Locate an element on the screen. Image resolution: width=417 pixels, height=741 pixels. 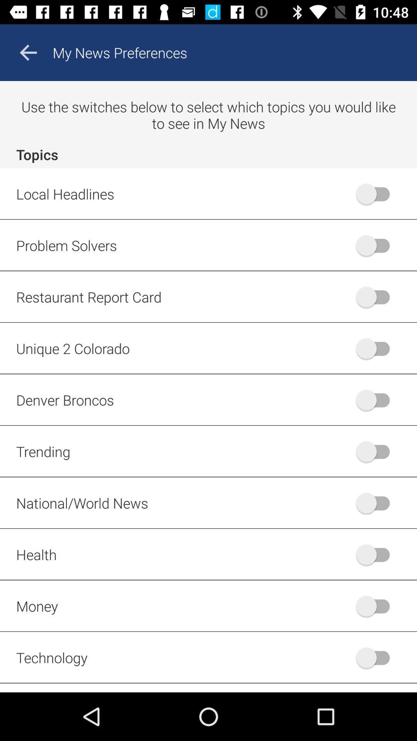
the switch button which is to the right of restaurant report card is located at coordinates (376, 296).